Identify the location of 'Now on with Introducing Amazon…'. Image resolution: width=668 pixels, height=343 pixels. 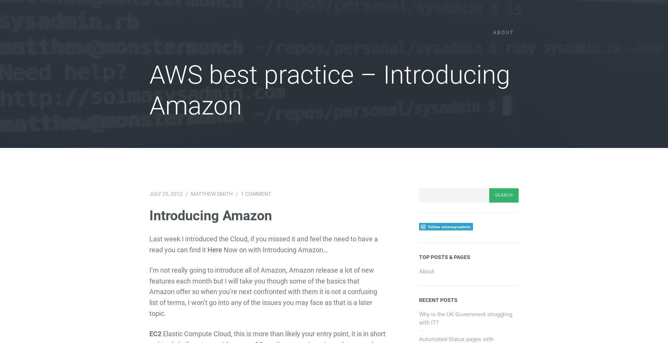
(275, 250).